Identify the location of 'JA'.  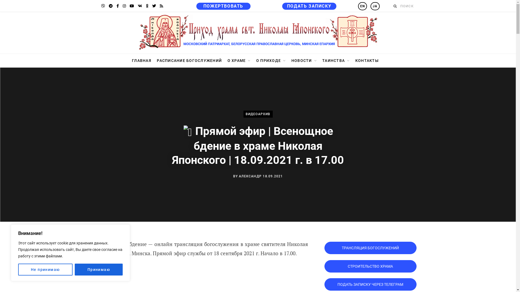
(370, 6).